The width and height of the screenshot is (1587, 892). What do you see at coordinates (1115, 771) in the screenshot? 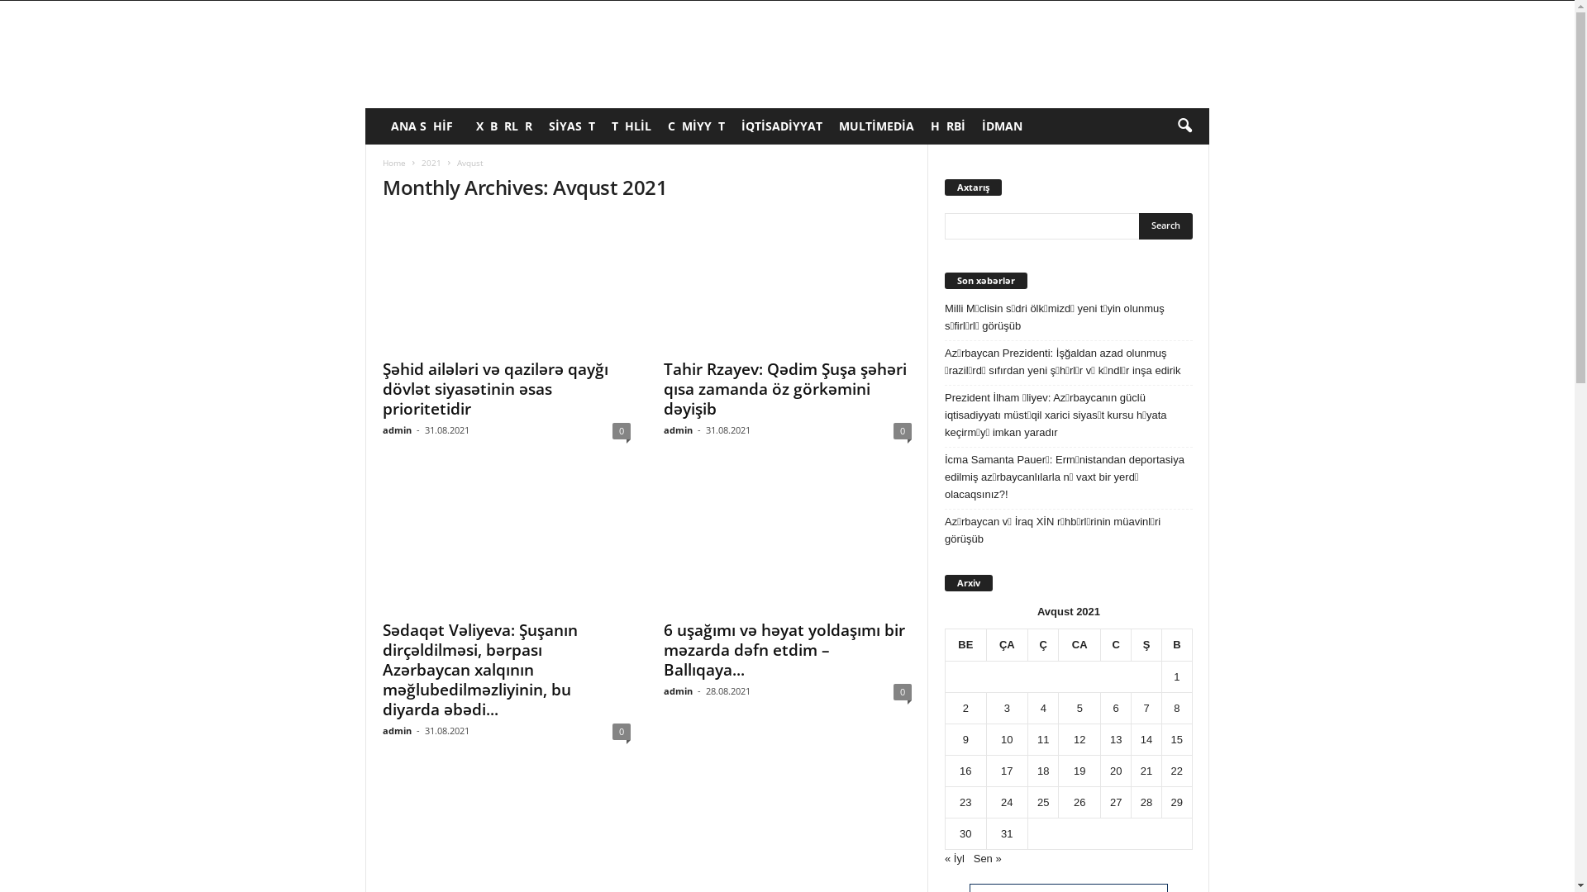
I see `'20'` at bounding box center [1115, 771].